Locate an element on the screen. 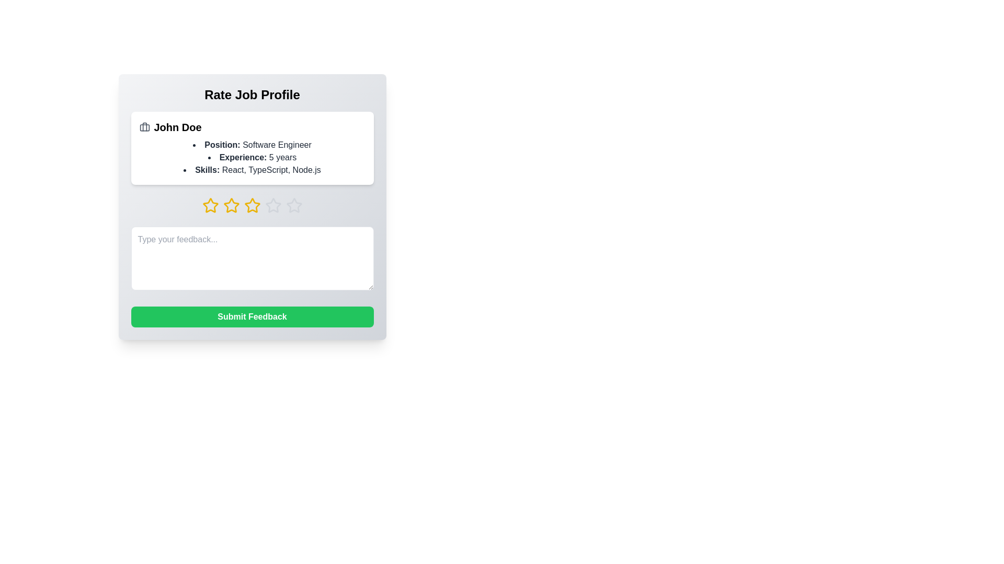 This screenshot has width=1004, height=564. the third yellow Rating Star in the feedback form titled 'Rate Job Profile' is located at coordinates (231, 205).